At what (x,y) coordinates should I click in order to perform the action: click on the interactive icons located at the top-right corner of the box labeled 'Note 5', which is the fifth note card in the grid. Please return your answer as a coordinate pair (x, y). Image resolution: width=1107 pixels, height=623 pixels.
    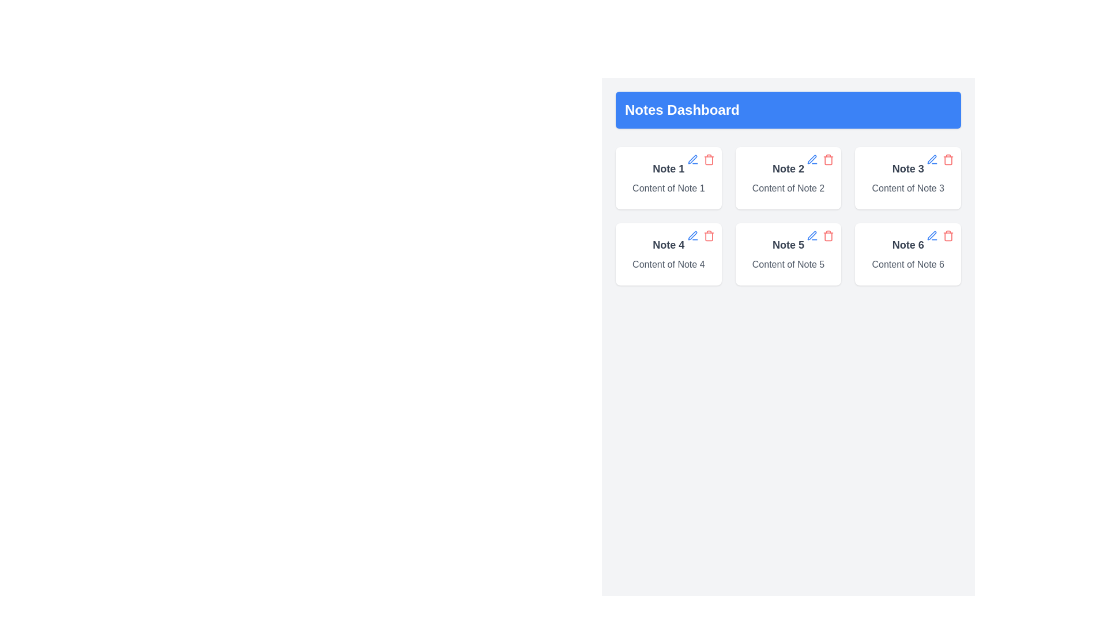
    Looking at the image, I should click on (820, 235).